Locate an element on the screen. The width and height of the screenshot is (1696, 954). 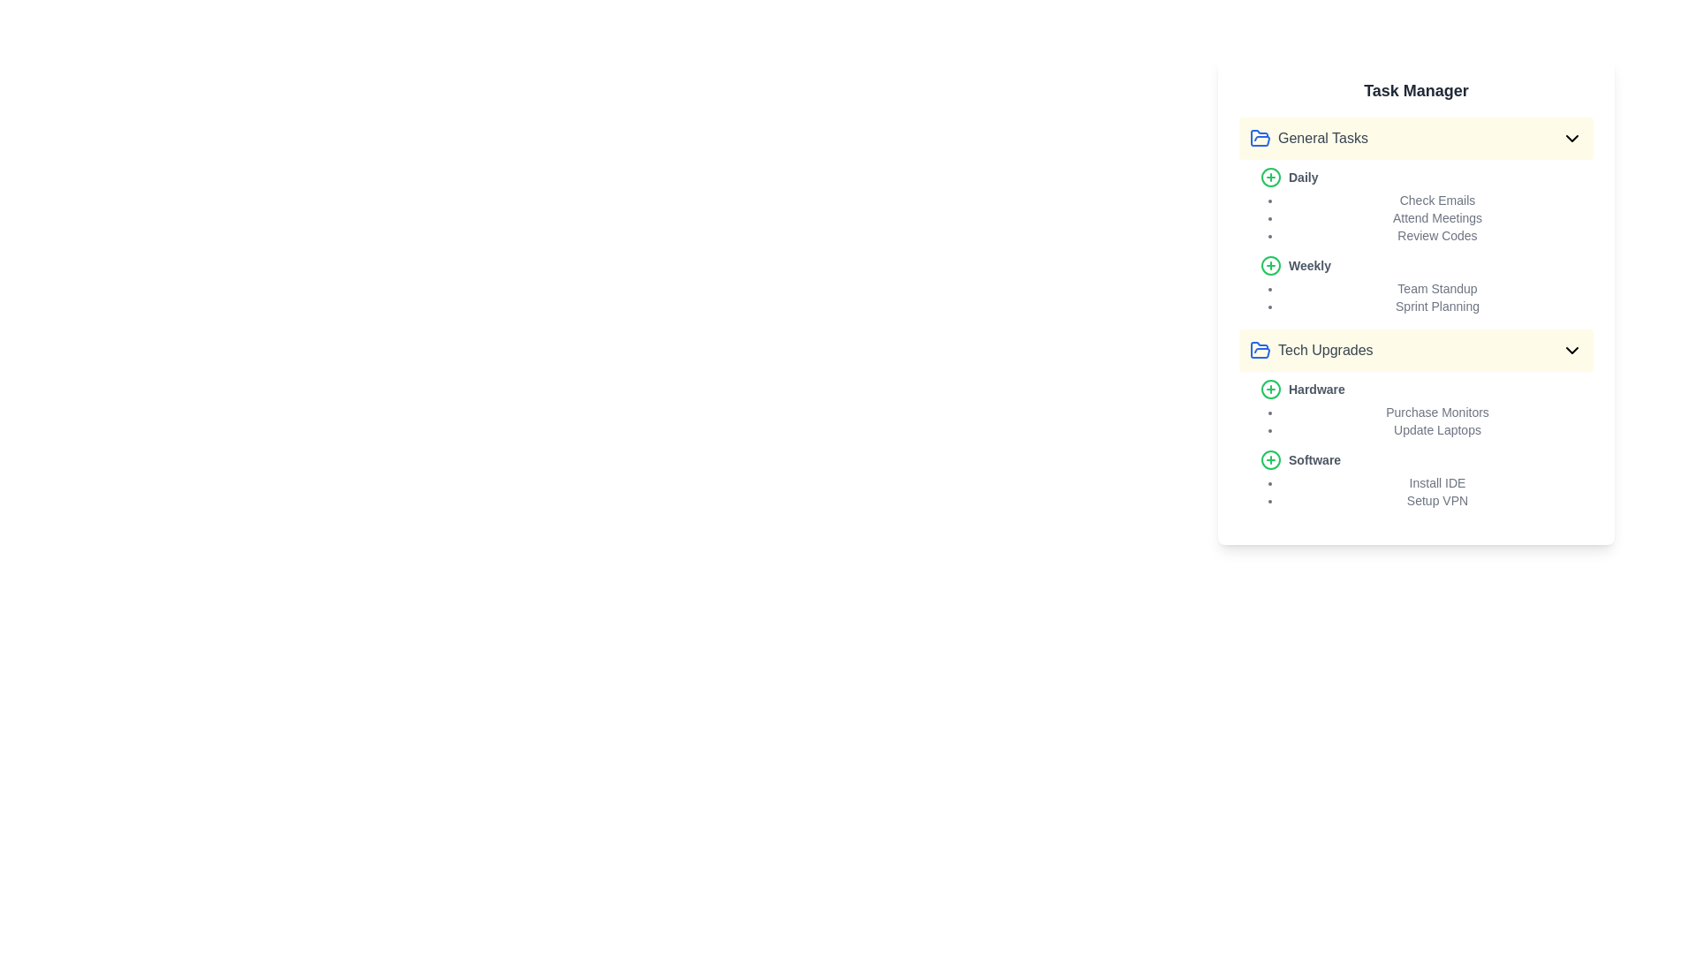
the SVG element that is part of the interactive icon indicating functionality related to adding or modifying tasks in the 'Weekly' task label of the 'General Tasks' section for accessibility interactions is located at coordinates (1270, 265).